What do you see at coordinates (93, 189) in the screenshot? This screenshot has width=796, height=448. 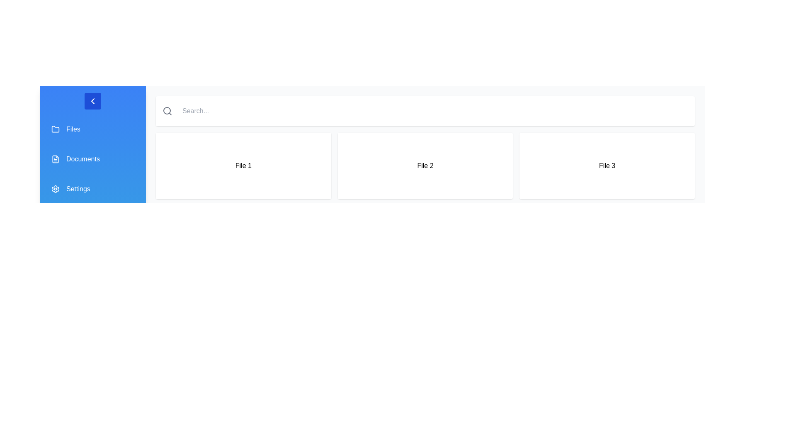 I see `the 'Settings' menu item in the sidebar` at bounding box center [93, 189].